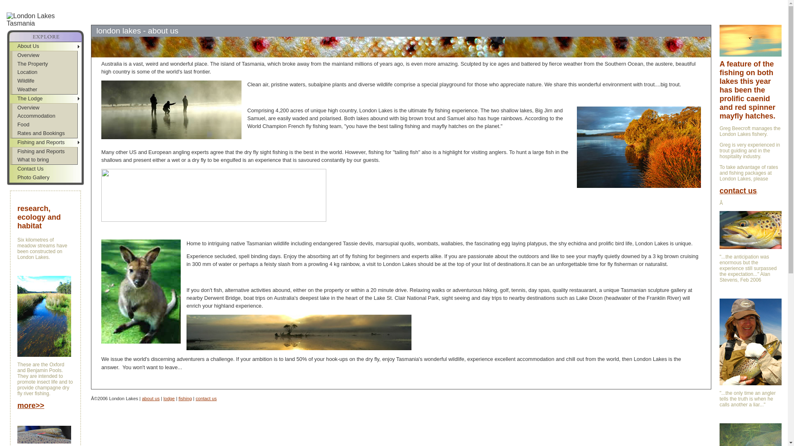  Describe the element at coordinates (44, 55) in the screenshot. I see `'Overview'` at that location.